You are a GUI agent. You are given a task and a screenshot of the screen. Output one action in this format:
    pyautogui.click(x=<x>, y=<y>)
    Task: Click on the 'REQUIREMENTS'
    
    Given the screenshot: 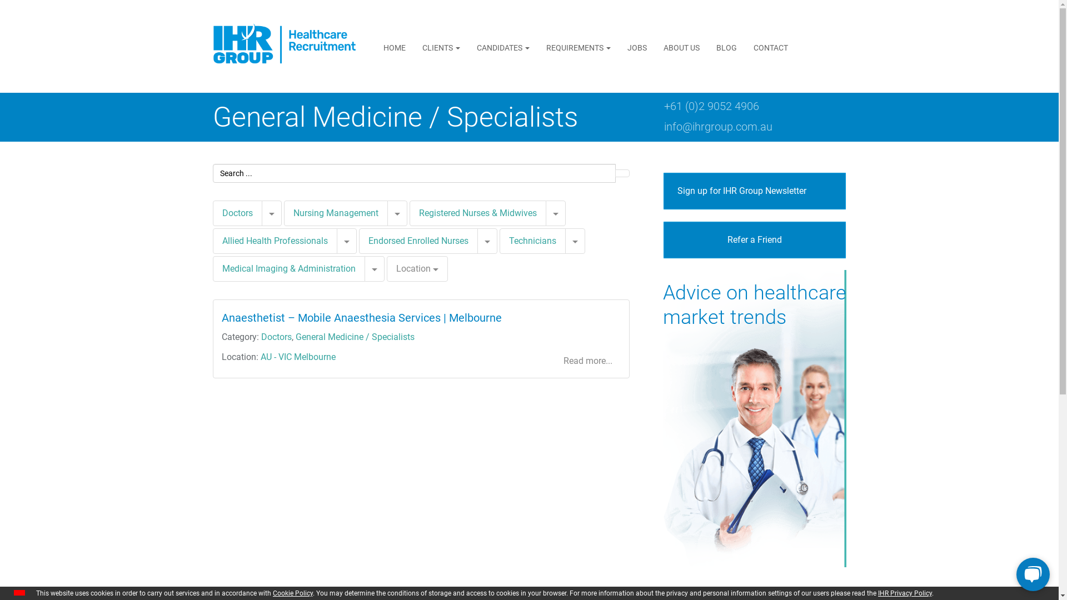 What is the action you would take?
    pyautogui.click(x=578, y=47)
    